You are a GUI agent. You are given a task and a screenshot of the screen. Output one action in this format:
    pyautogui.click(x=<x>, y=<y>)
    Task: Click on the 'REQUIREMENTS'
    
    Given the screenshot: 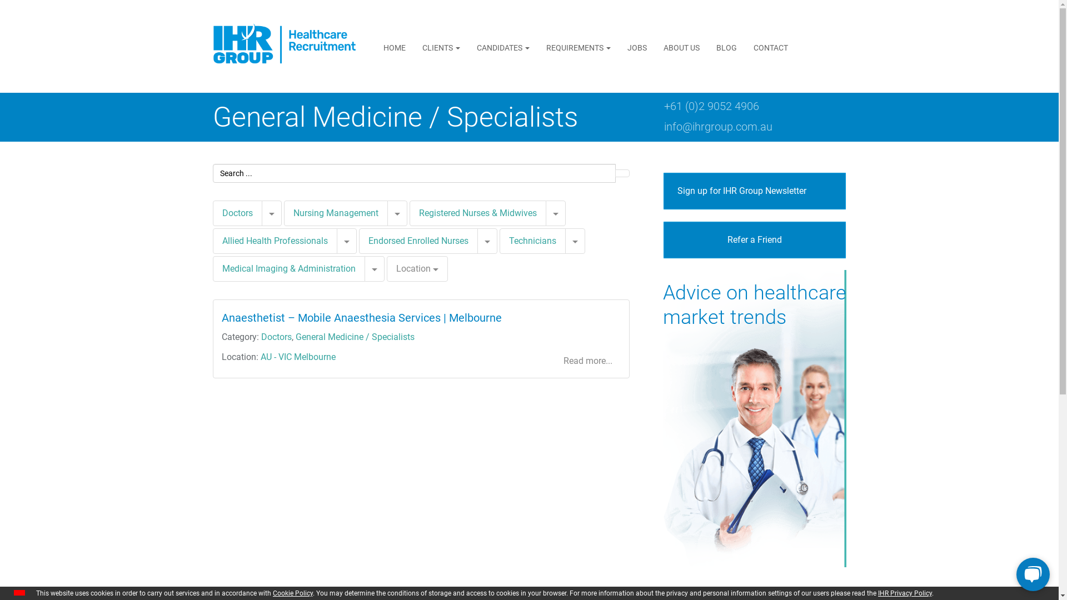 What is the action you would take?
    pyautogui.click(x=578, y=47)
    